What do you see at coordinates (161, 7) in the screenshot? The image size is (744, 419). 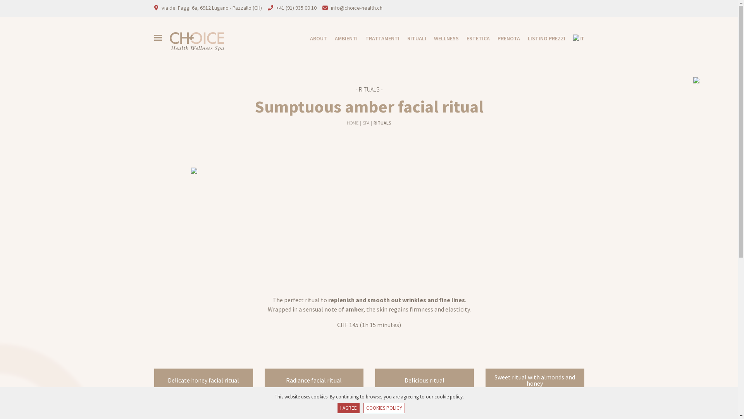 I see `'via dei Faggi 6a, 6912 Lugano - Pazzallo (CH)'` at bounding box center [161, 7].